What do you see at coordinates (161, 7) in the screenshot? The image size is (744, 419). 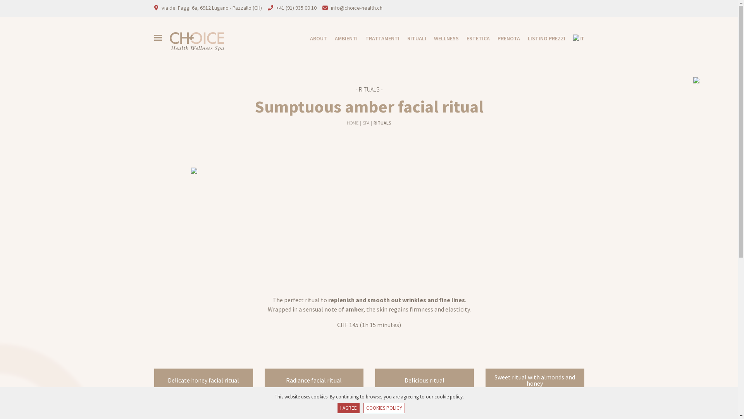 I see `'via dei Faggi 6a, 6912 Lugano - Pazzallo (CH)'` at bounding box center [161, 7].